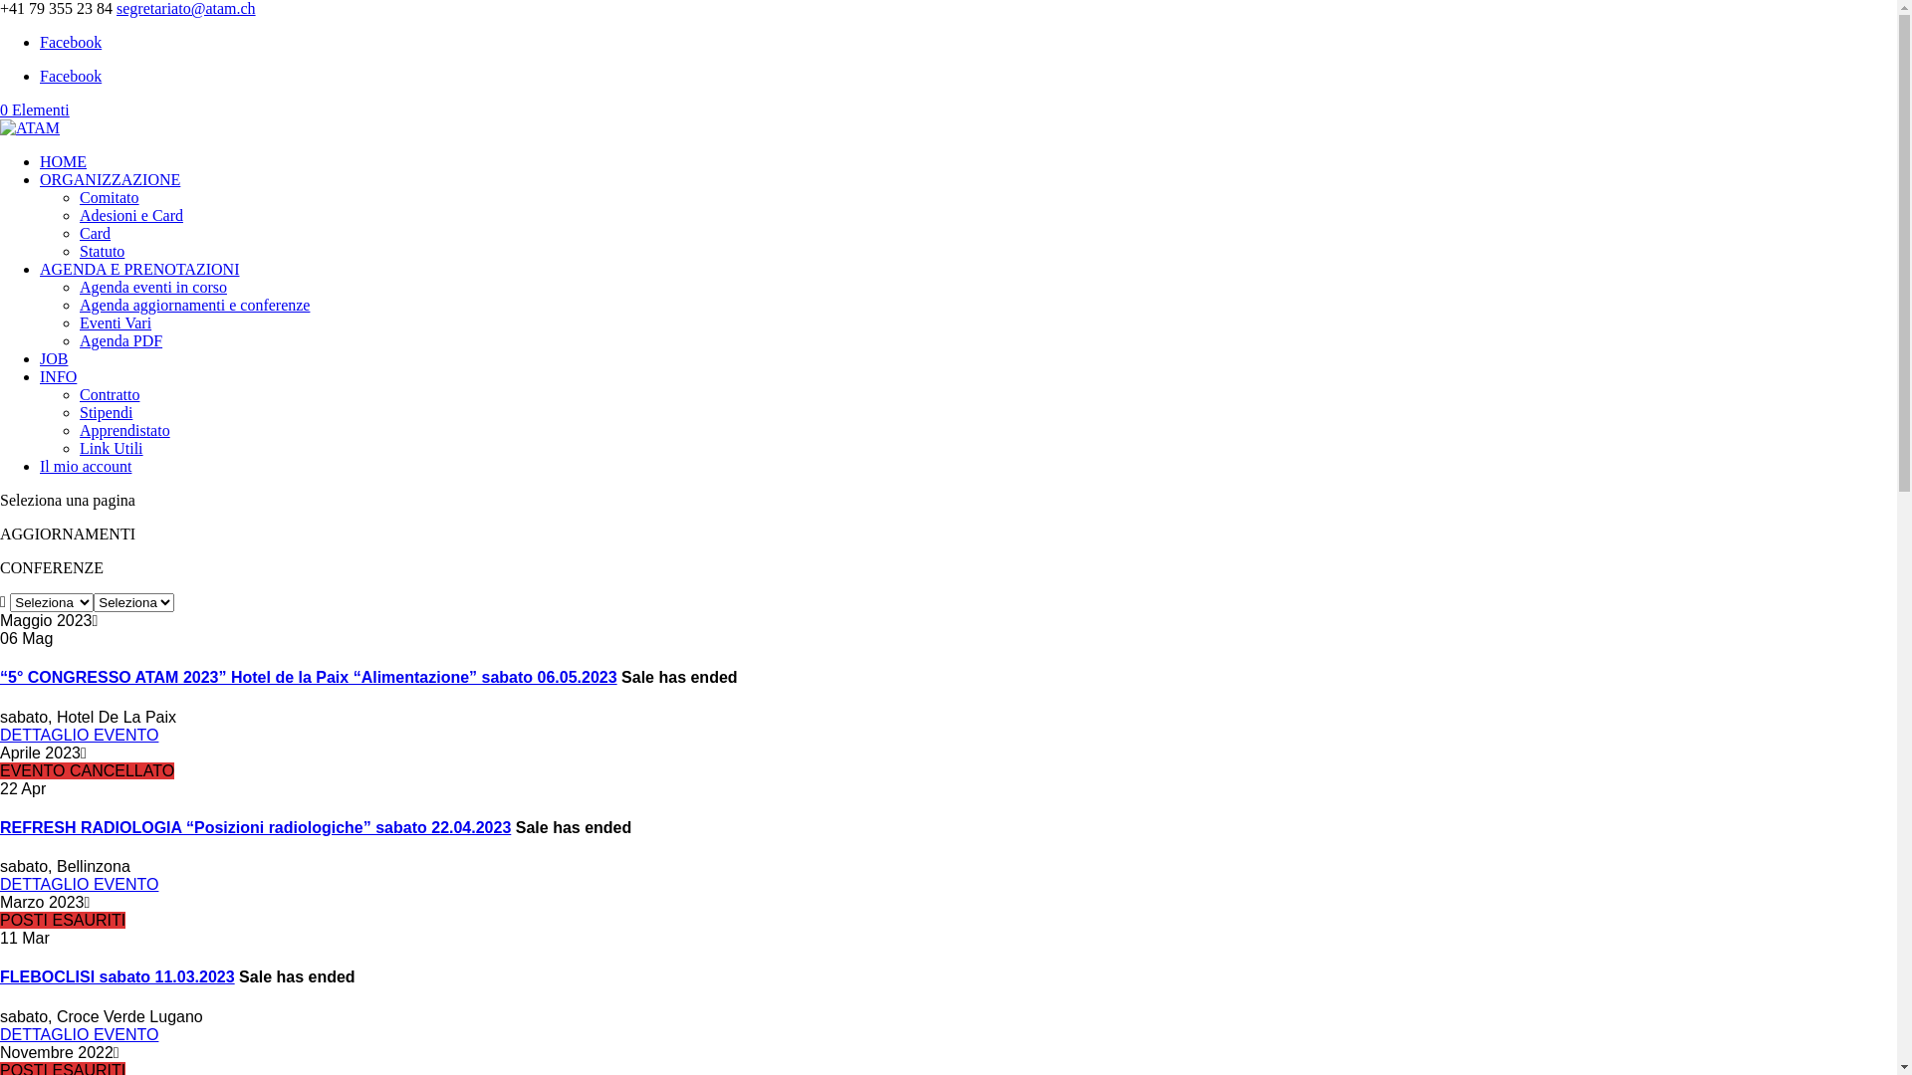 The image size is (1912, 1075). I want to click on 'ORGANIZZAZIONE', so click(109, 179).